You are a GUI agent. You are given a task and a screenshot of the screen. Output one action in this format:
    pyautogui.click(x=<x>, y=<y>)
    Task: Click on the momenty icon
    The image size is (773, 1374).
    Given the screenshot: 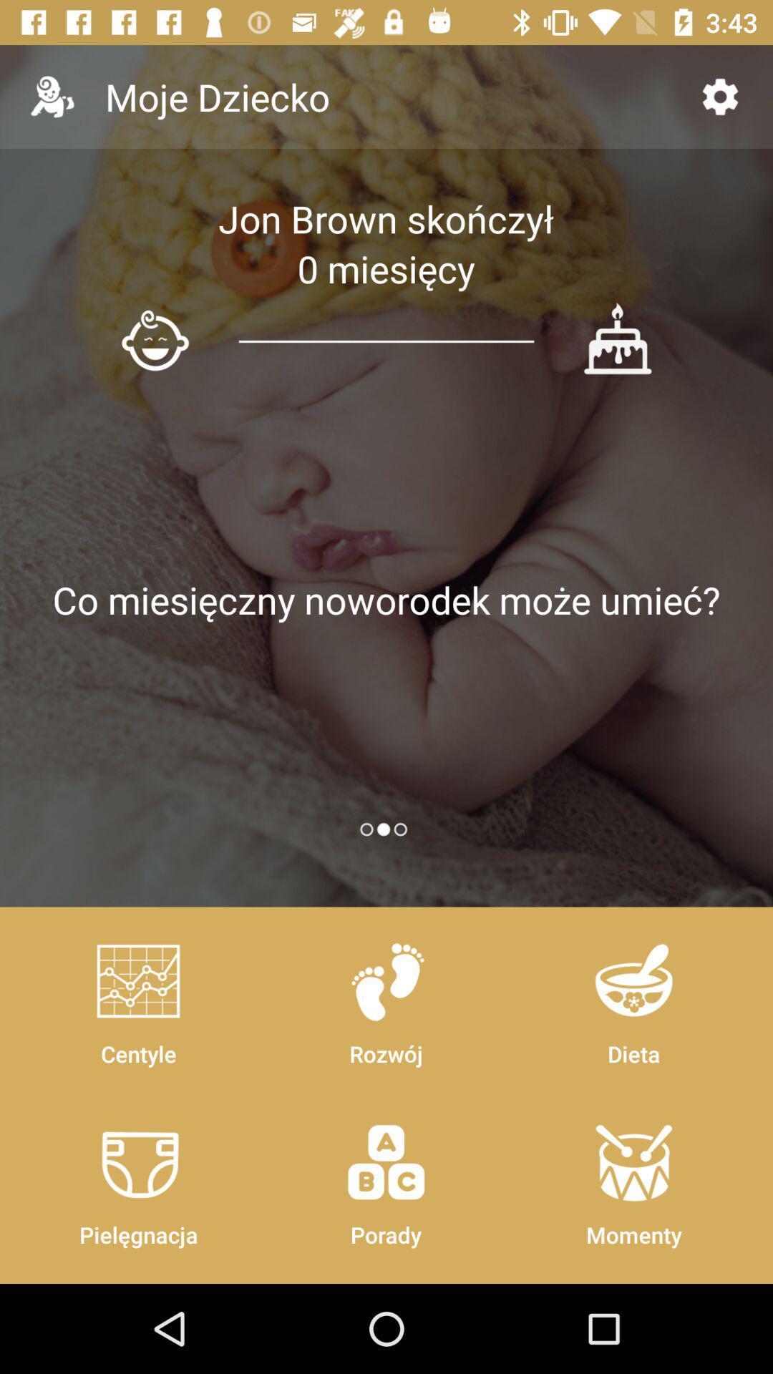 What is the action you would take?
    pyautogui.click(x=633, y=1178)
    